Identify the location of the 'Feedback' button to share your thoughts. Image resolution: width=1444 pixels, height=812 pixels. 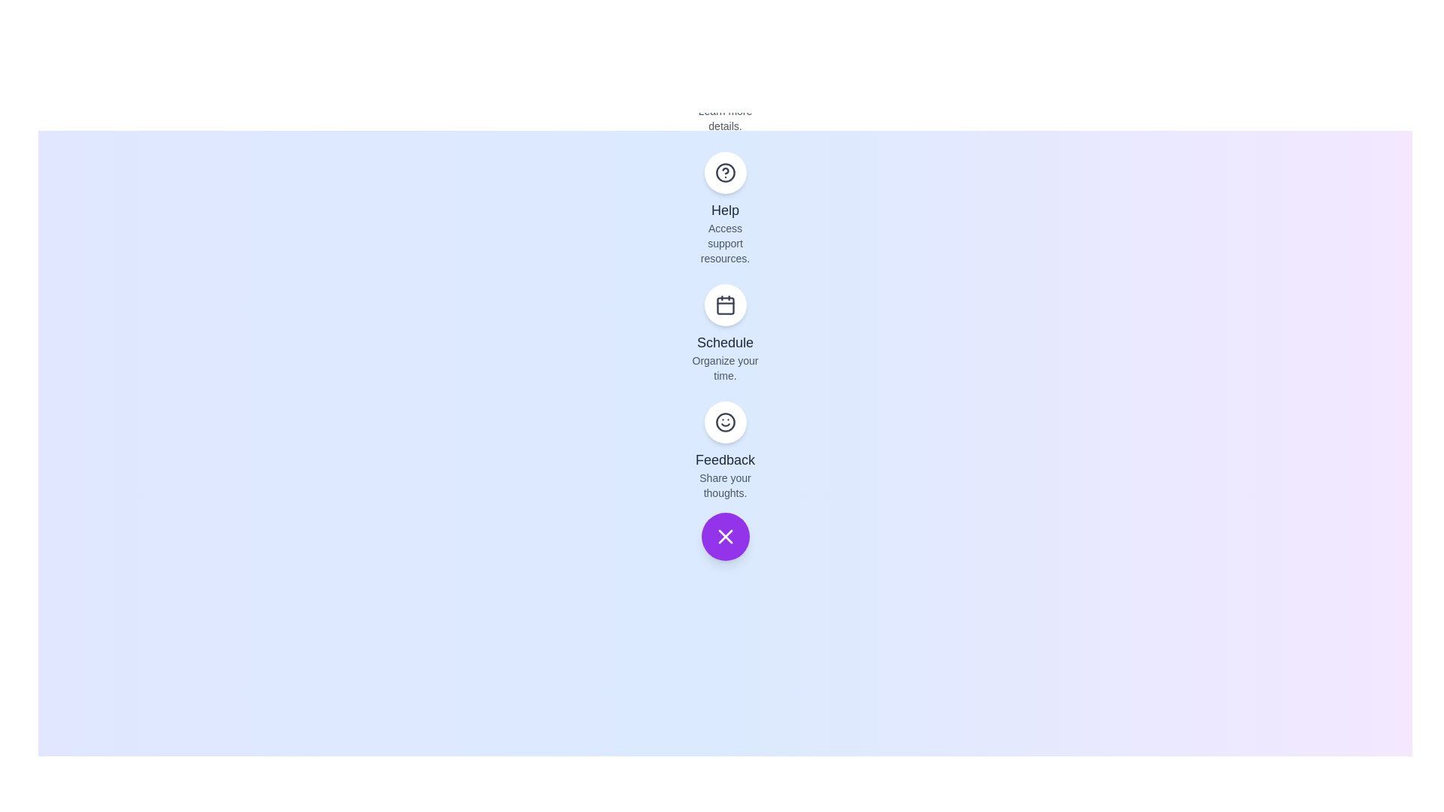
(725, 423).